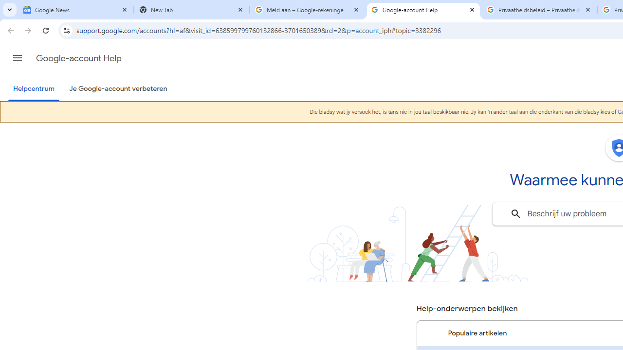 Image resolution: width=623 pixels, height=350 pixels. I want to click on 'Helpcentrum', so click(34, 89).